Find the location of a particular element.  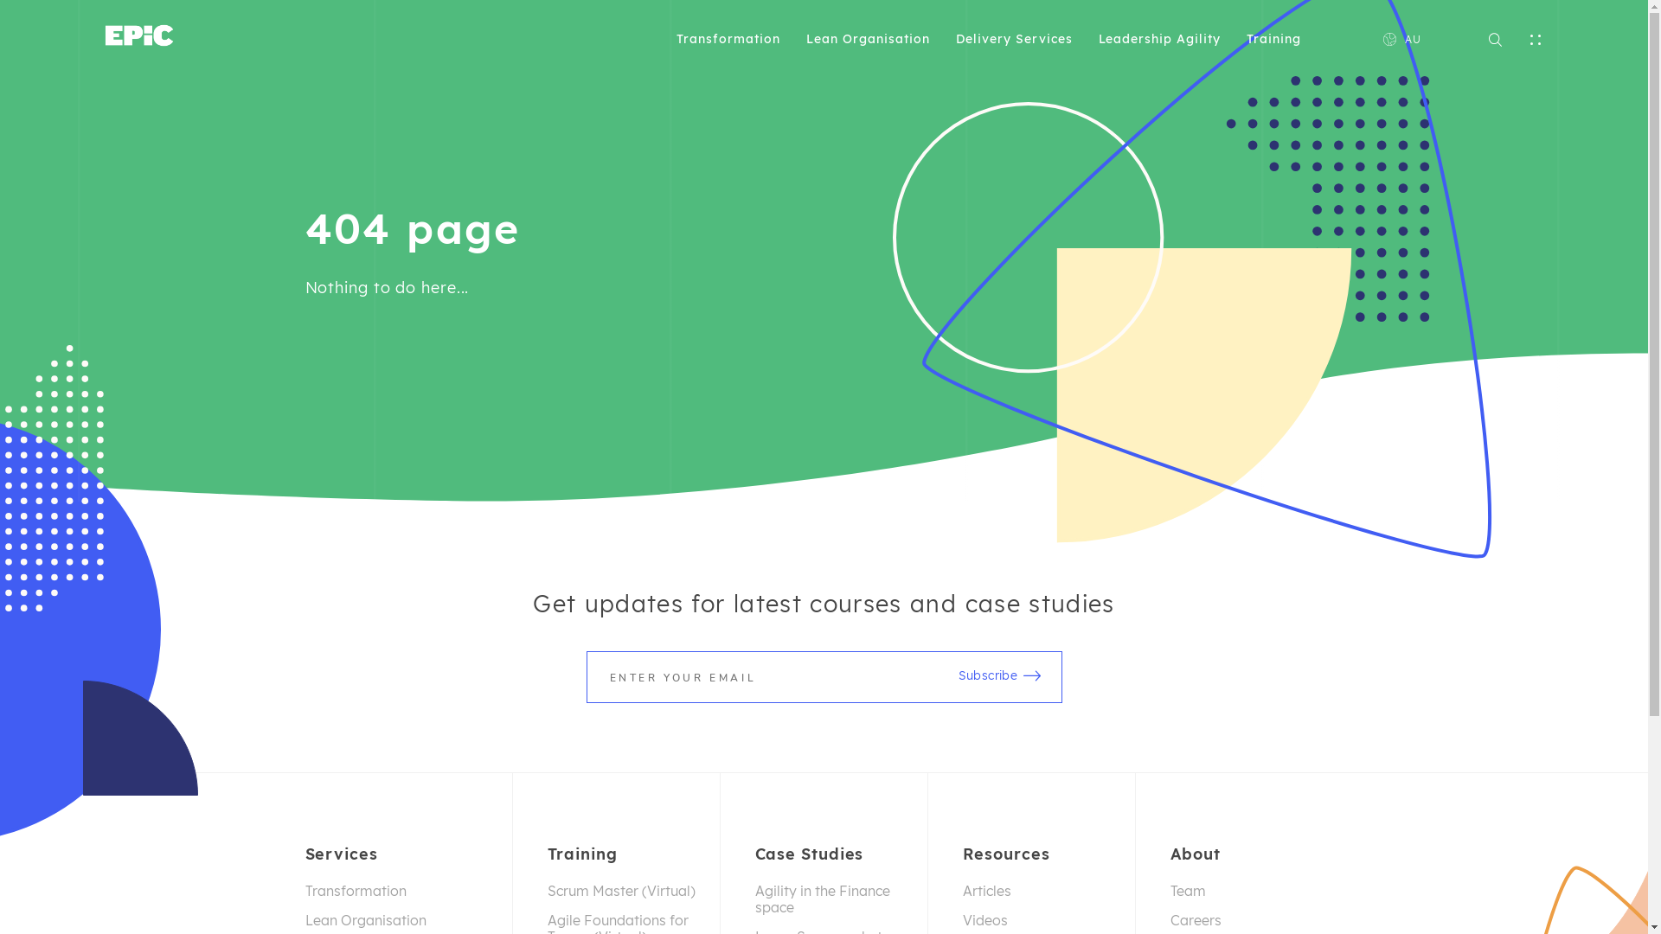

'Case Studies' is located at coordinates (837, 853).